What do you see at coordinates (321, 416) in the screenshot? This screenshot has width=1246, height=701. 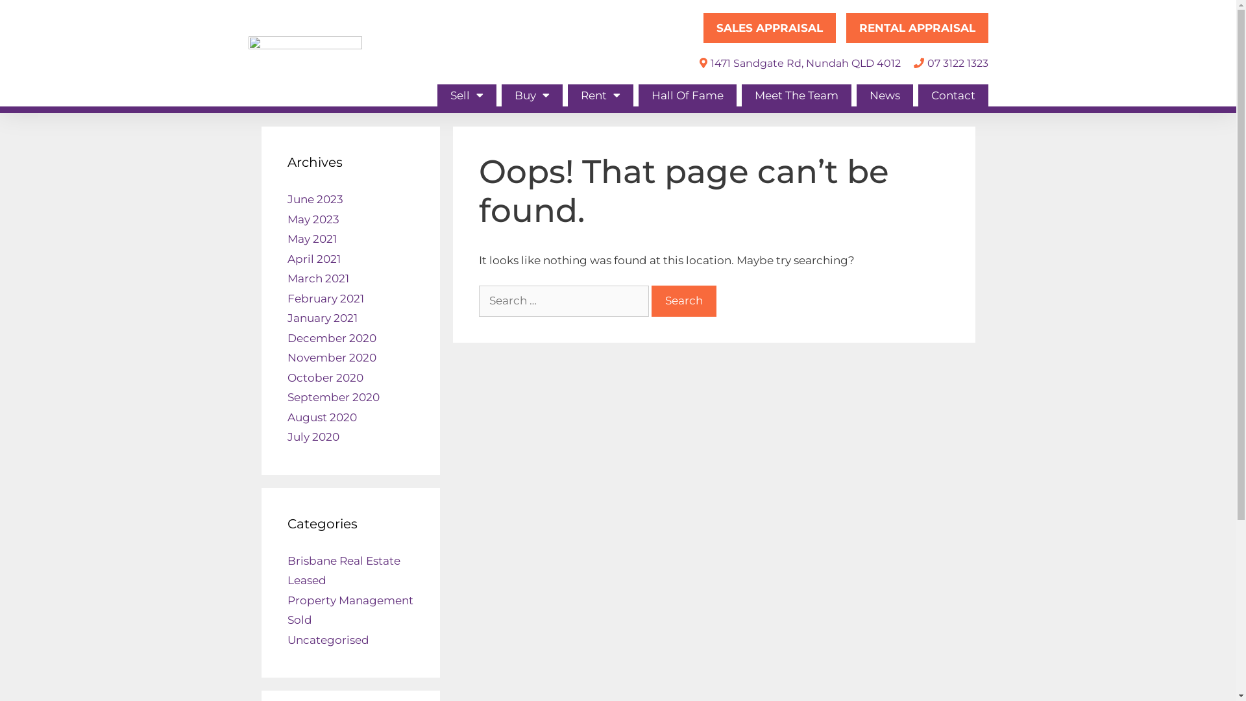 I see `'August 2020'` at bounding box center [321, 416].